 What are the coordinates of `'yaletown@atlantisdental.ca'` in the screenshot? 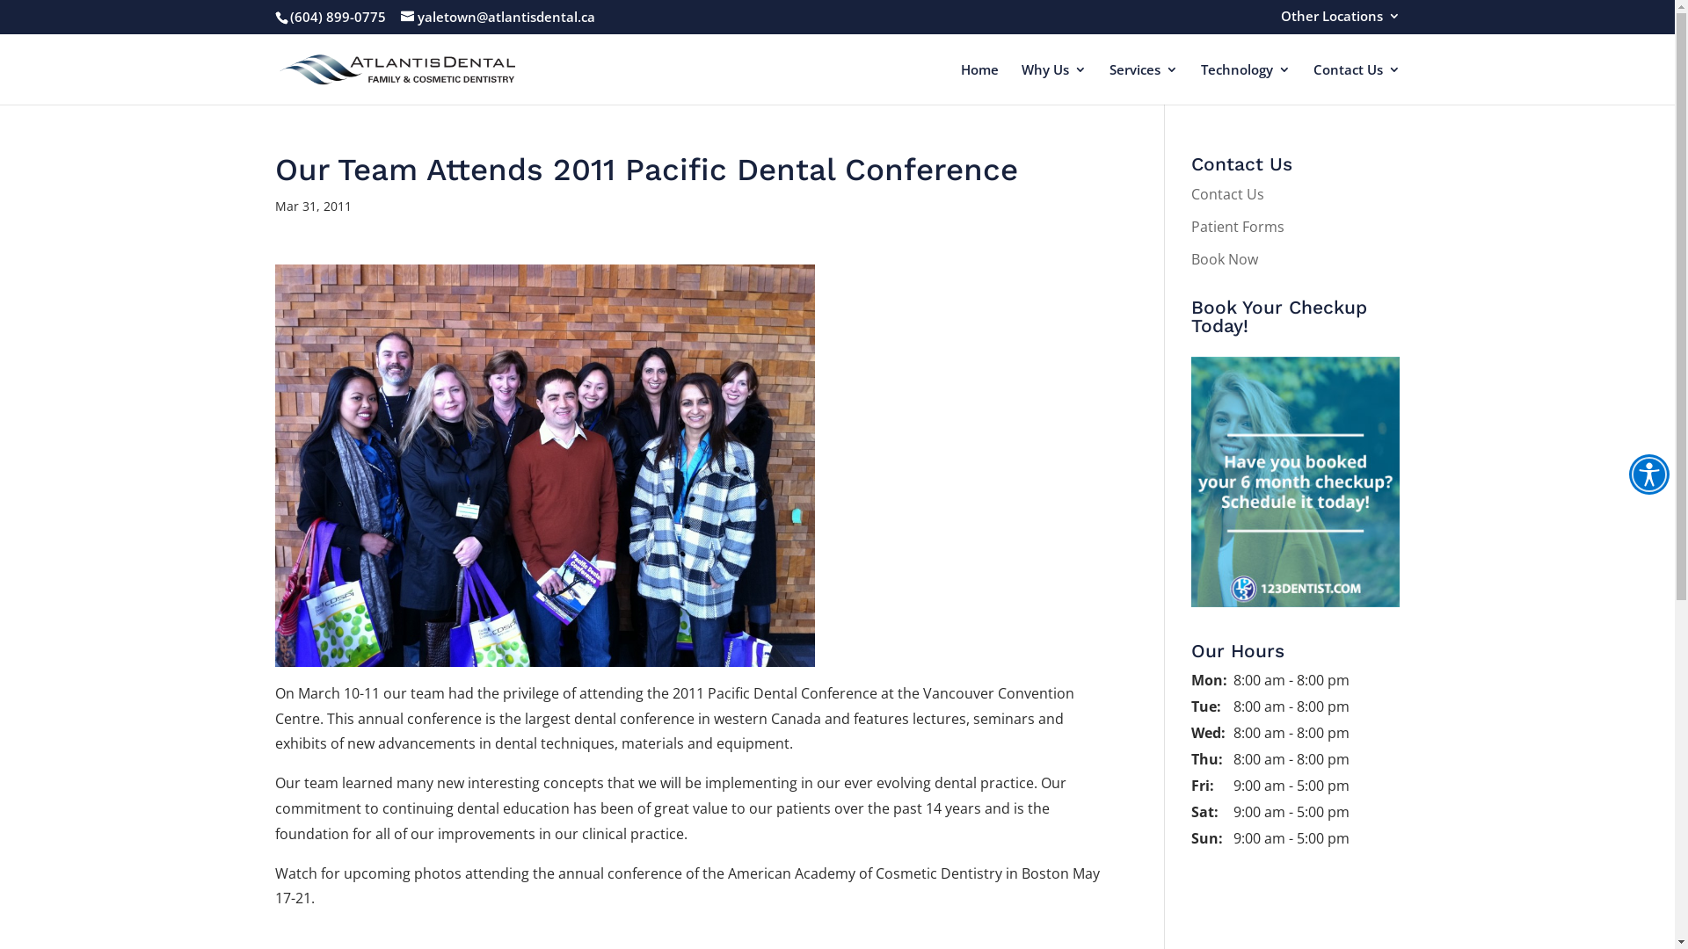 It's located at (497, 17).